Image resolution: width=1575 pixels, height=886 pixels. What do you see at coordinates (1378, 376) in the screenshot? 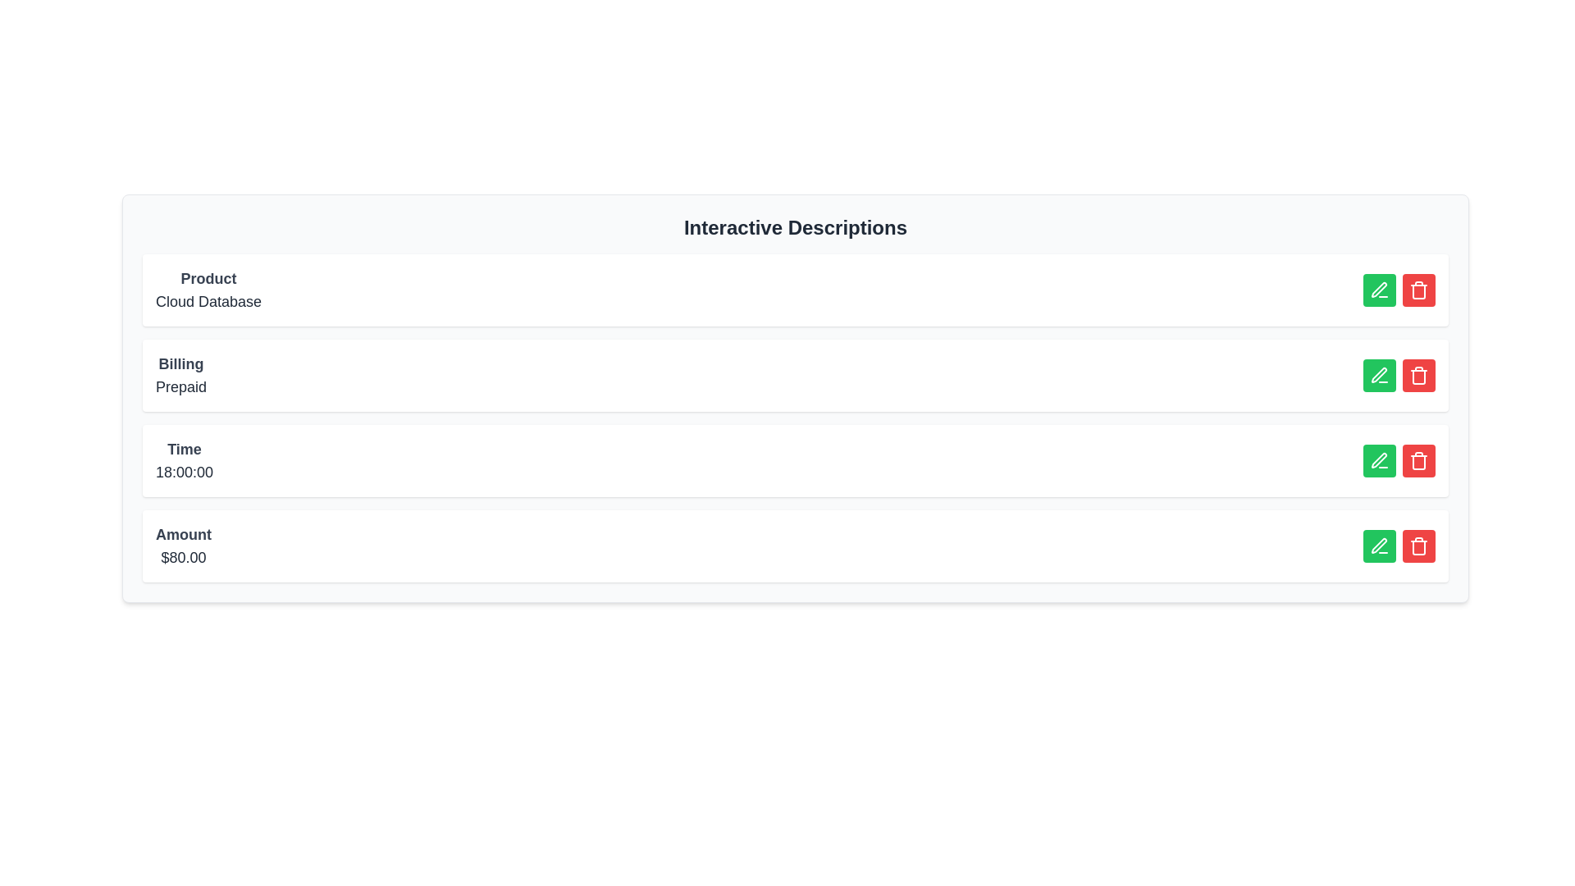
I see `the pen icon with a green circular background that denotes editing functionality, located to the right of the 'Time' field label in the interface` at bounding box center [1378, 376].